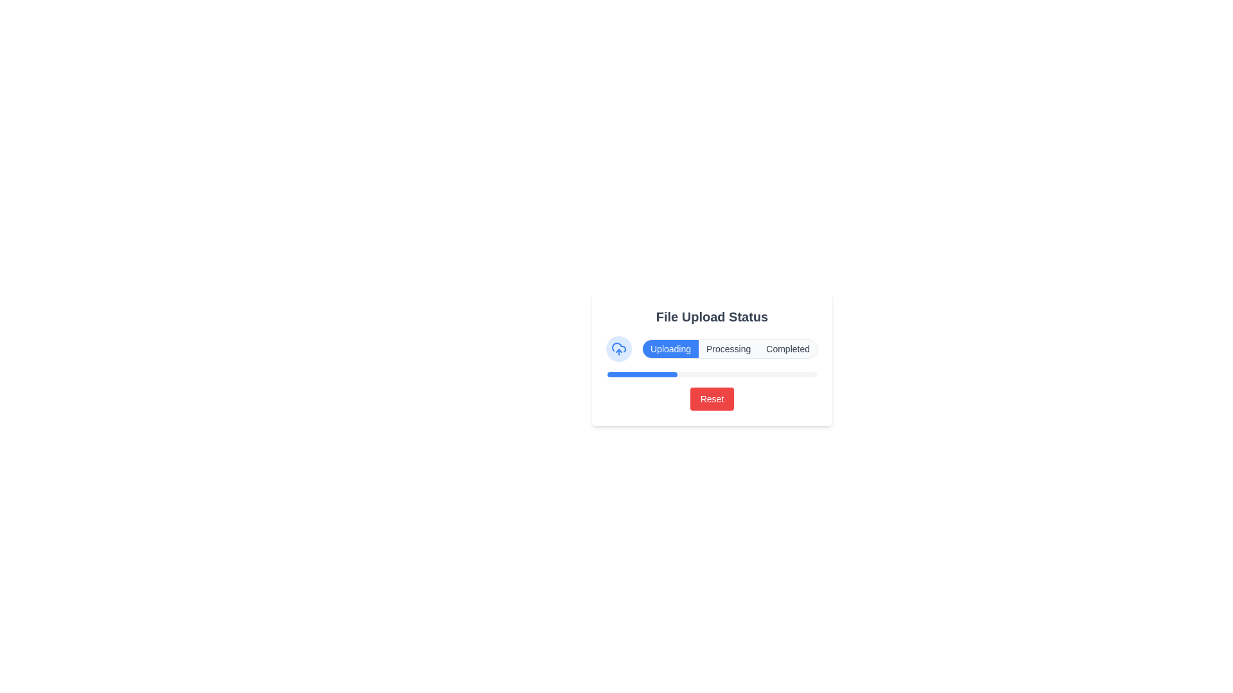 This screenshot has width=1233, height=693. Describe the element at coordinates (670, 348) in the screenshot. I see `the blue rectangular button labeled 'Uploading', which is the first of three sibling buttons in the 'File Upload Status' section` at that location.